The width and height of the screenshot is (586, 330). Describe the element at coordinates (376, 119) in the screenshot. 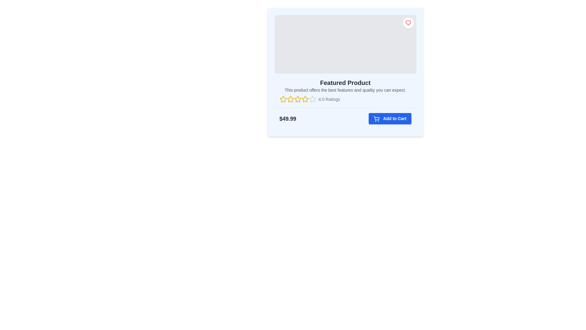

I see `the 'Add to Cart' button which contains the shopping cart SVG icon located at the left end of the button content` at that location.